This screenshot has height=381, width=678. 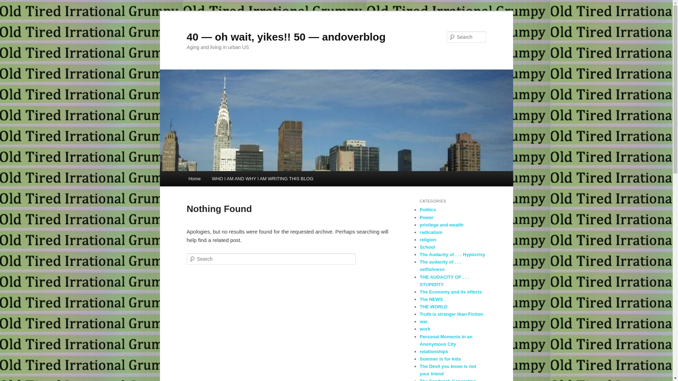 What do you see at coordinates (430, 299) in the screenshot?
I see `'The NEWS'` at bounding box center [430, 299].